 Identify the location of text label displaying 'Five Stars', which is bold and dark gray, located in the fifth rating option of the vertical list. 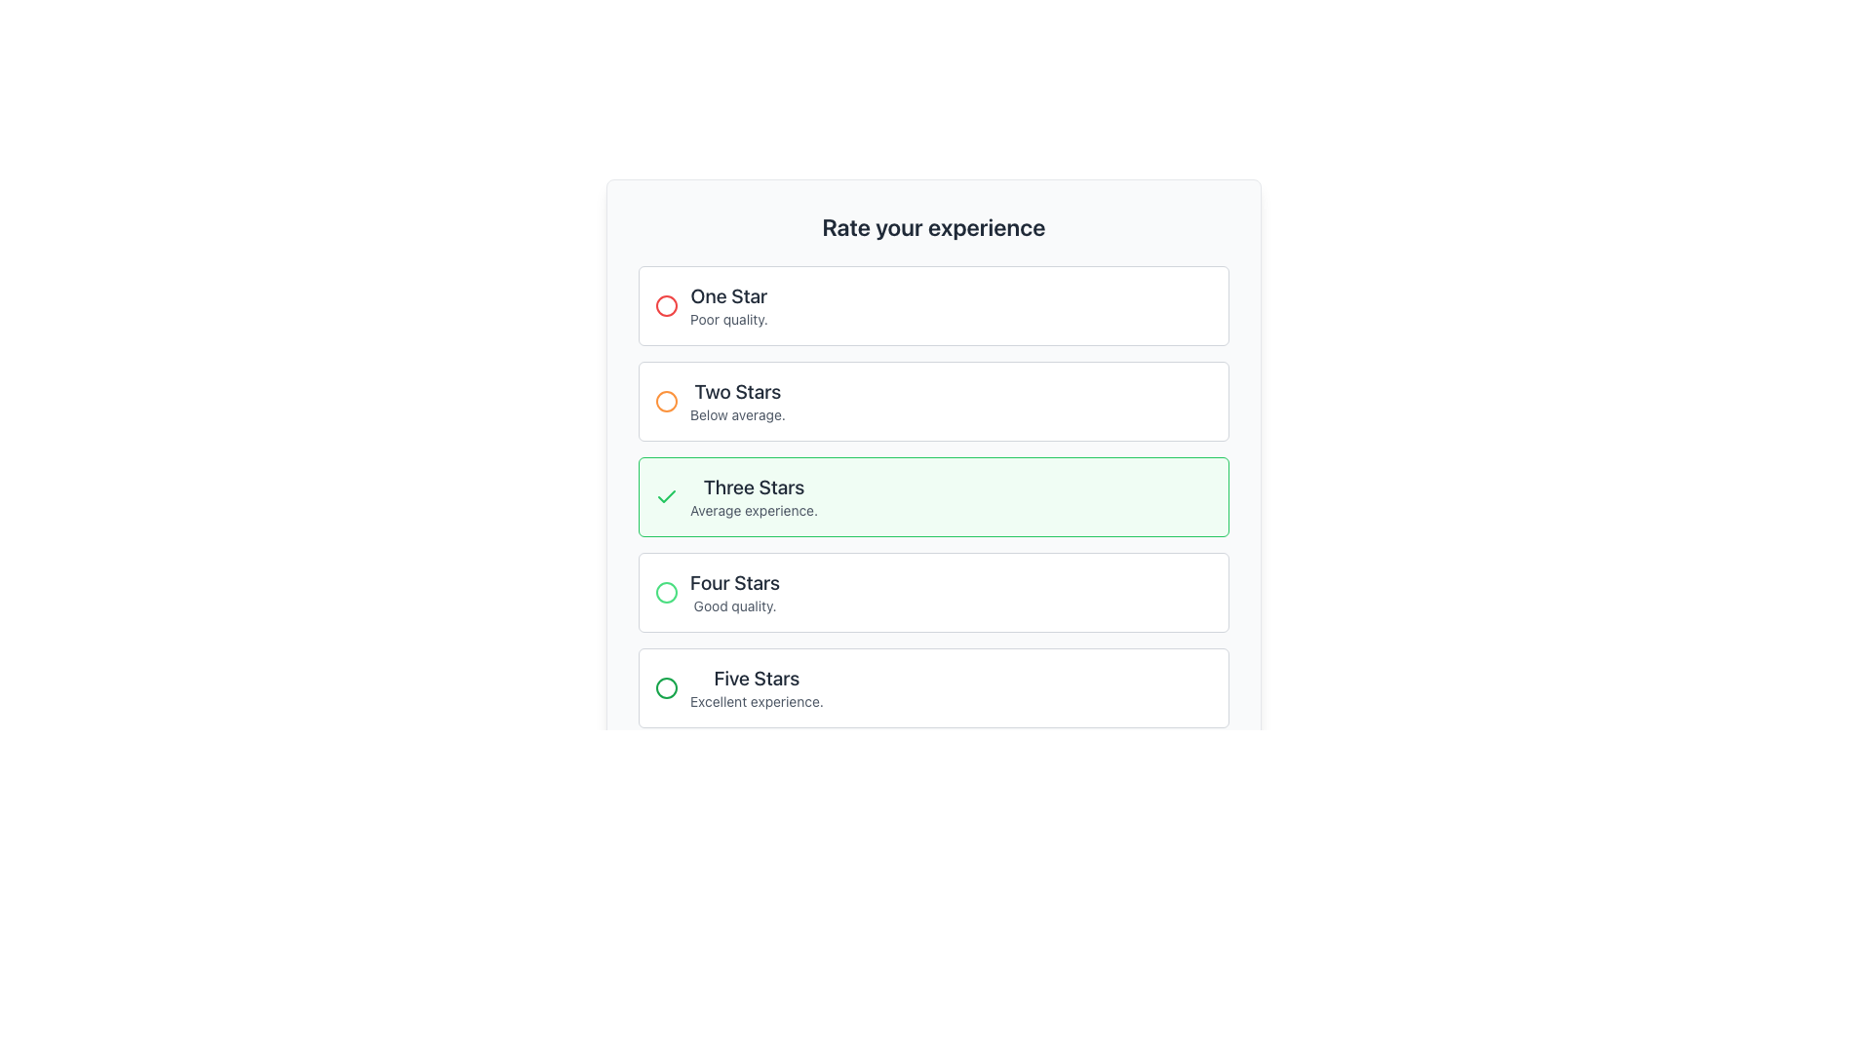
(756, 677).